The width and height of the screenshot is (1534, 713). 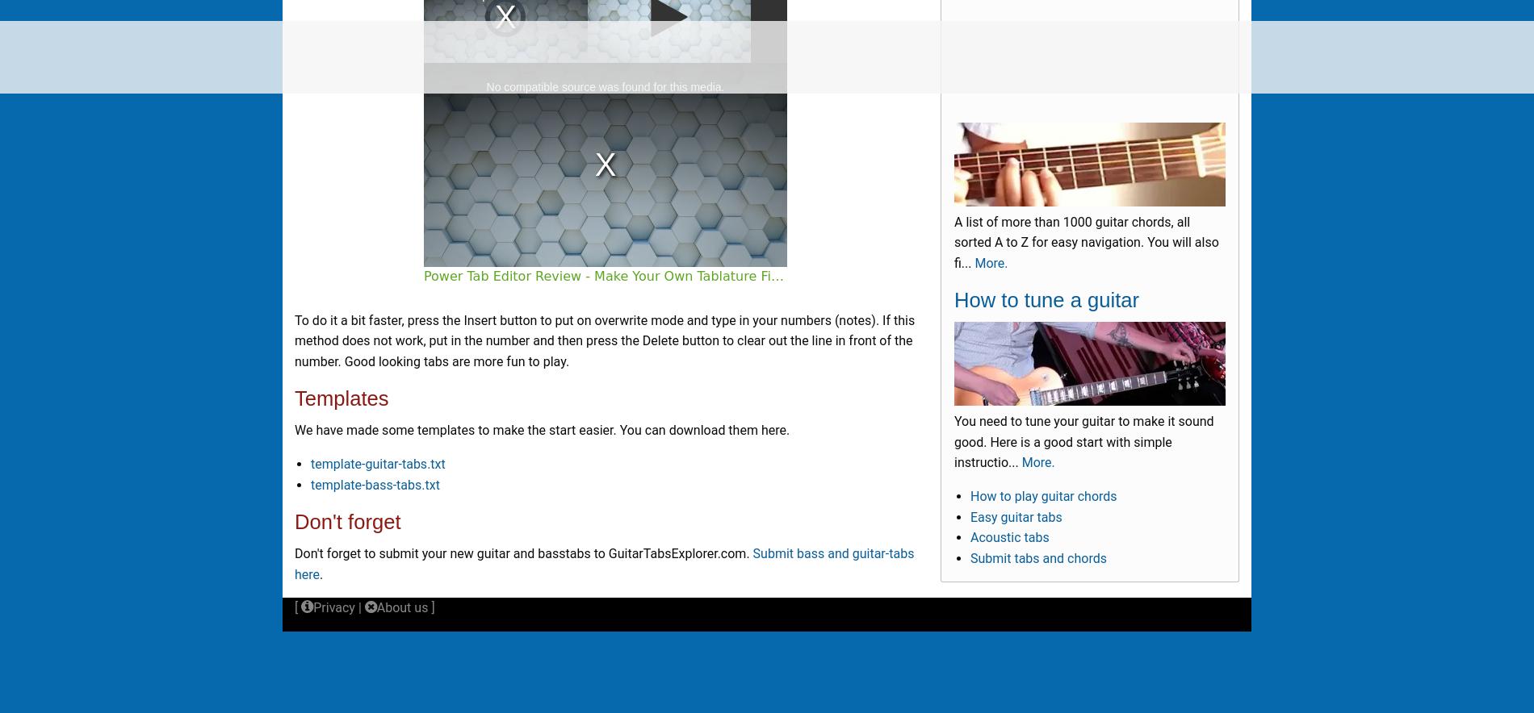 What do you see at coordinates (603, 563) in the screenshot?
I see `'Submit bass and guitar-tabs here'` at bounding box center [603, 563].